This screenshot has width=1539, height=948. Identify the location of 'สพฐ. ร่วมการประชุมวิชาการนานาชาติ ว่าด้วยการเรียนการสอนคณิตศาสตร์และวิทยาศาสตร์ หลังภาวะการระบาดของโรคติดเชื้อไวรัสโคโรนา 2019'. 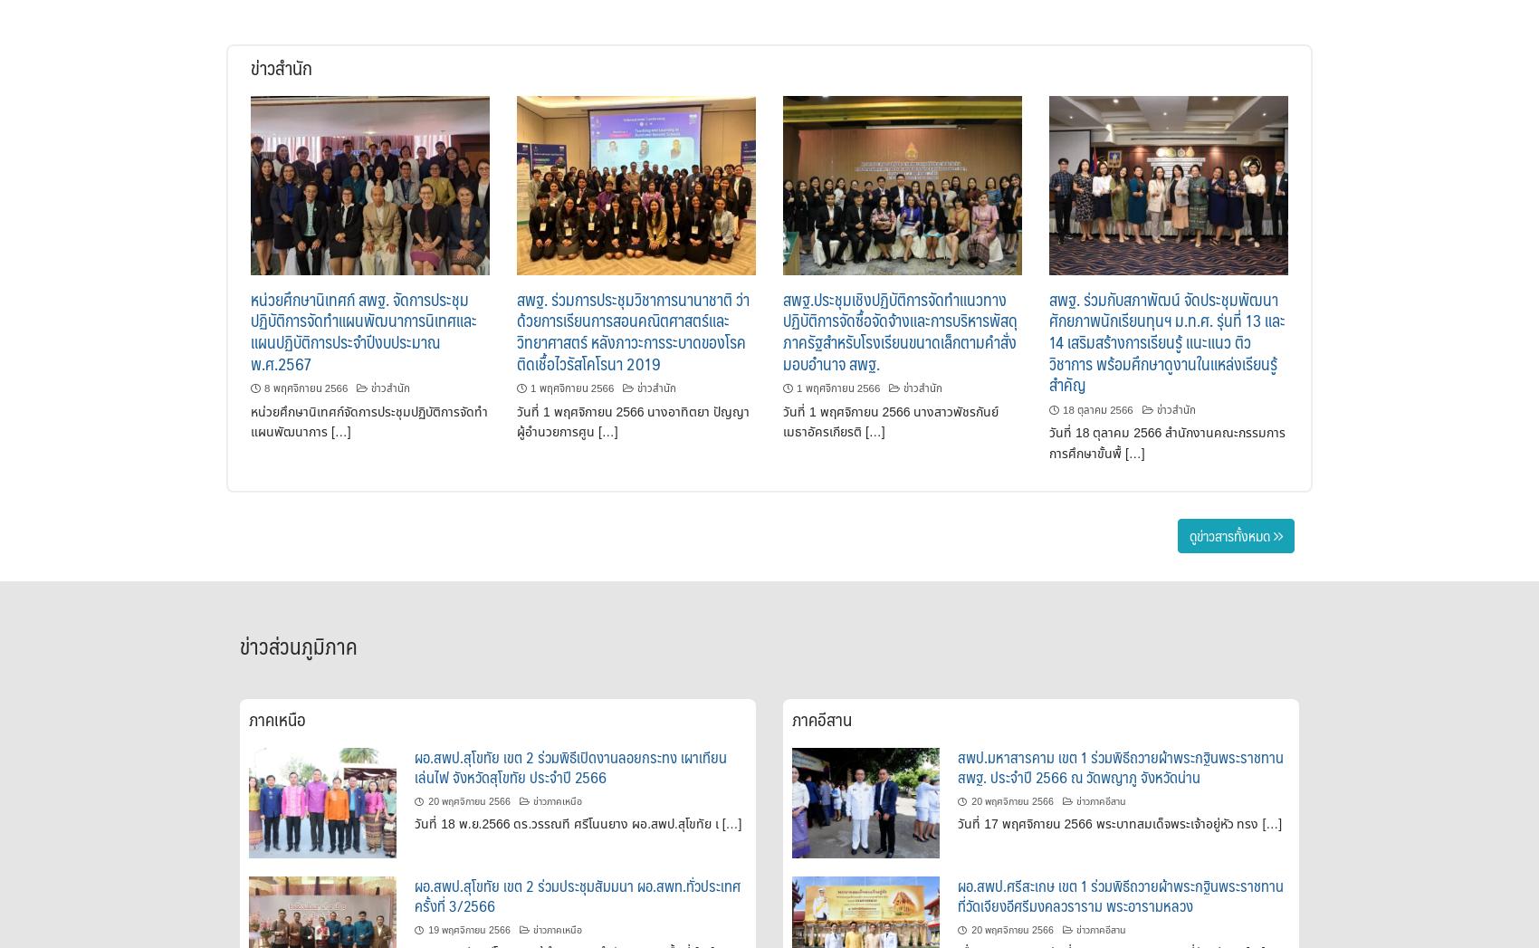
(633, 330).